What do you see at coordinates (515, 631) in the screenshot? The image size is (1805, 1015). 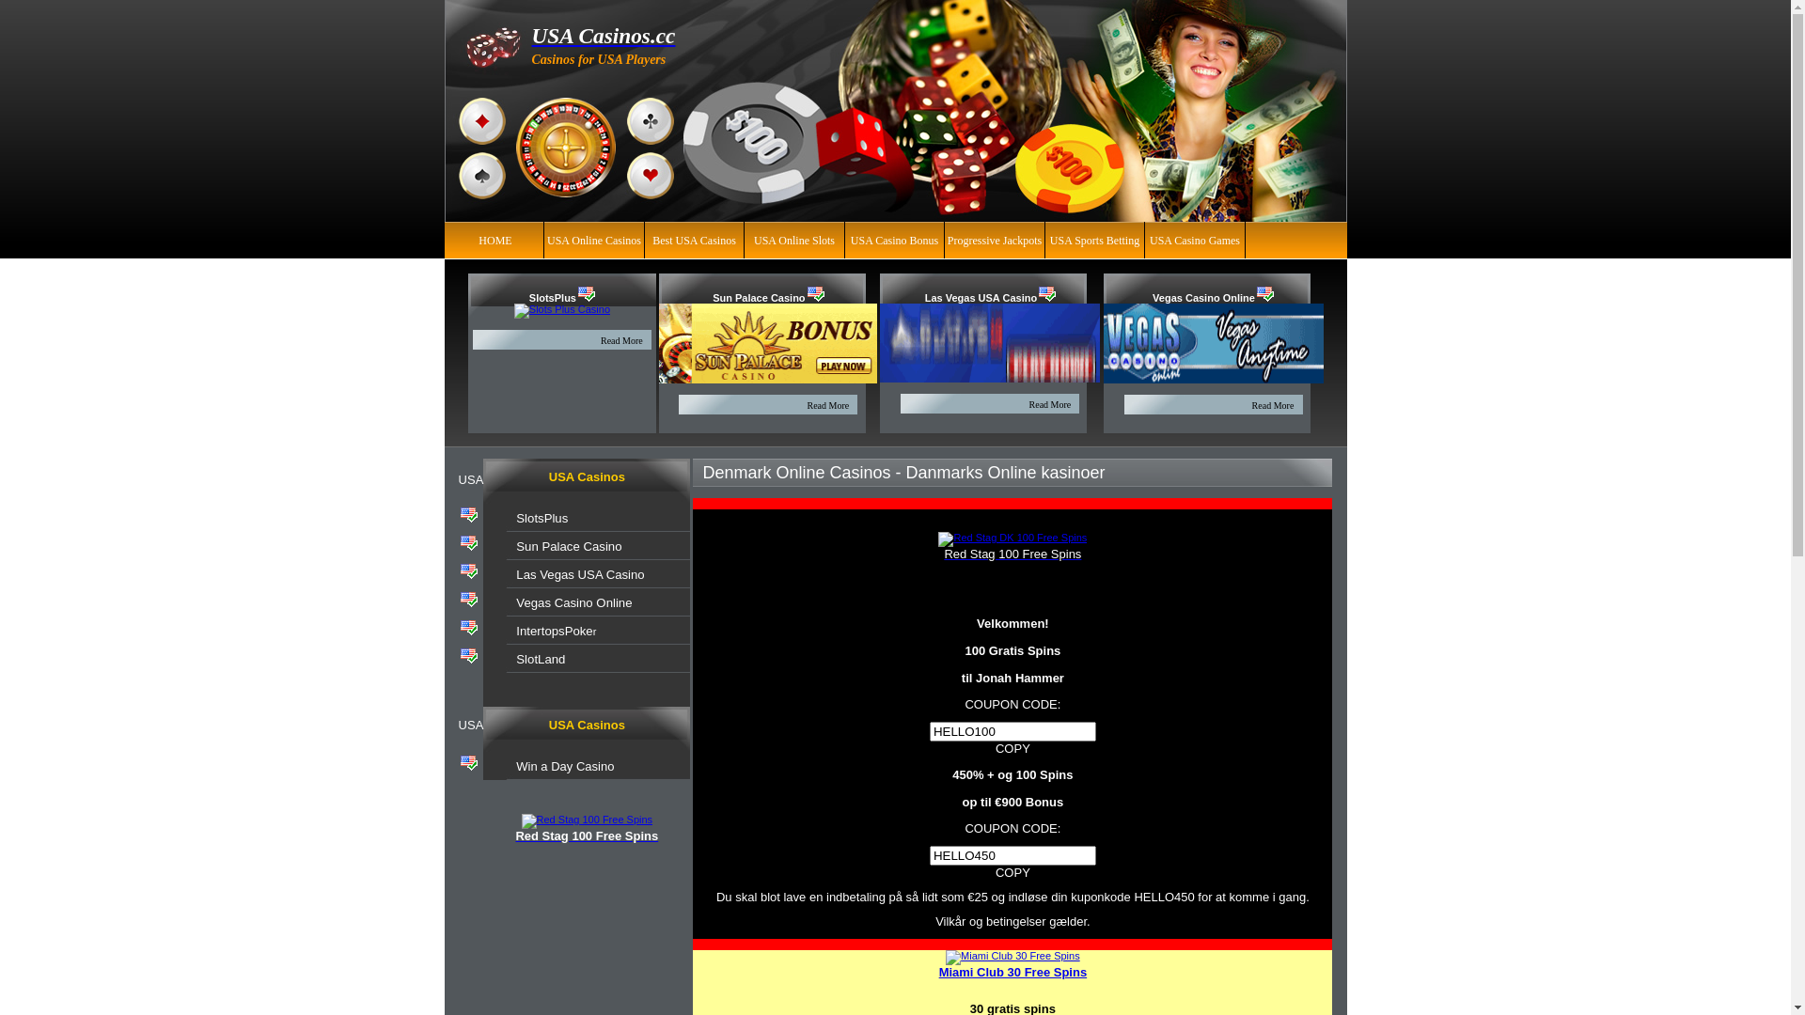 I see `'IntertopsPoker'` at bounding box center [515, 631].